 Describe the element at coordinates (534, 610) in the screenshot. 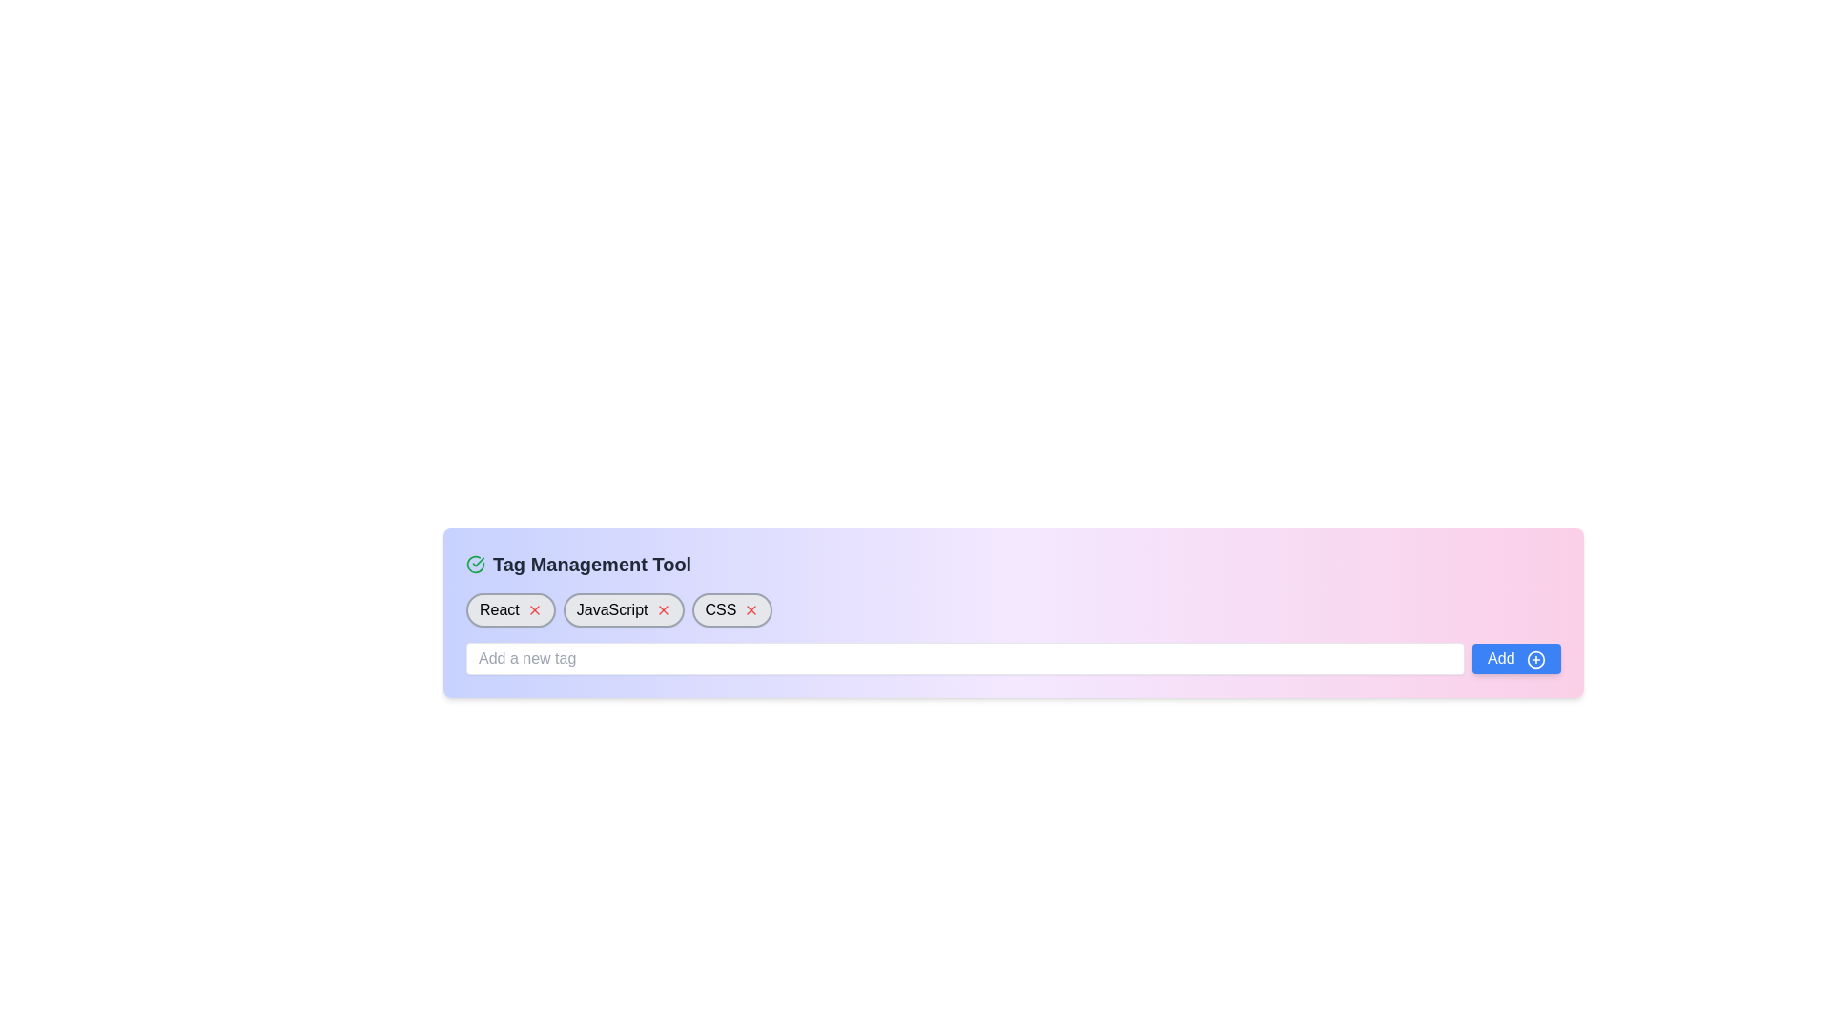

I see `the interactive red 'X' icon button associated with the 'React' tag` at that location.